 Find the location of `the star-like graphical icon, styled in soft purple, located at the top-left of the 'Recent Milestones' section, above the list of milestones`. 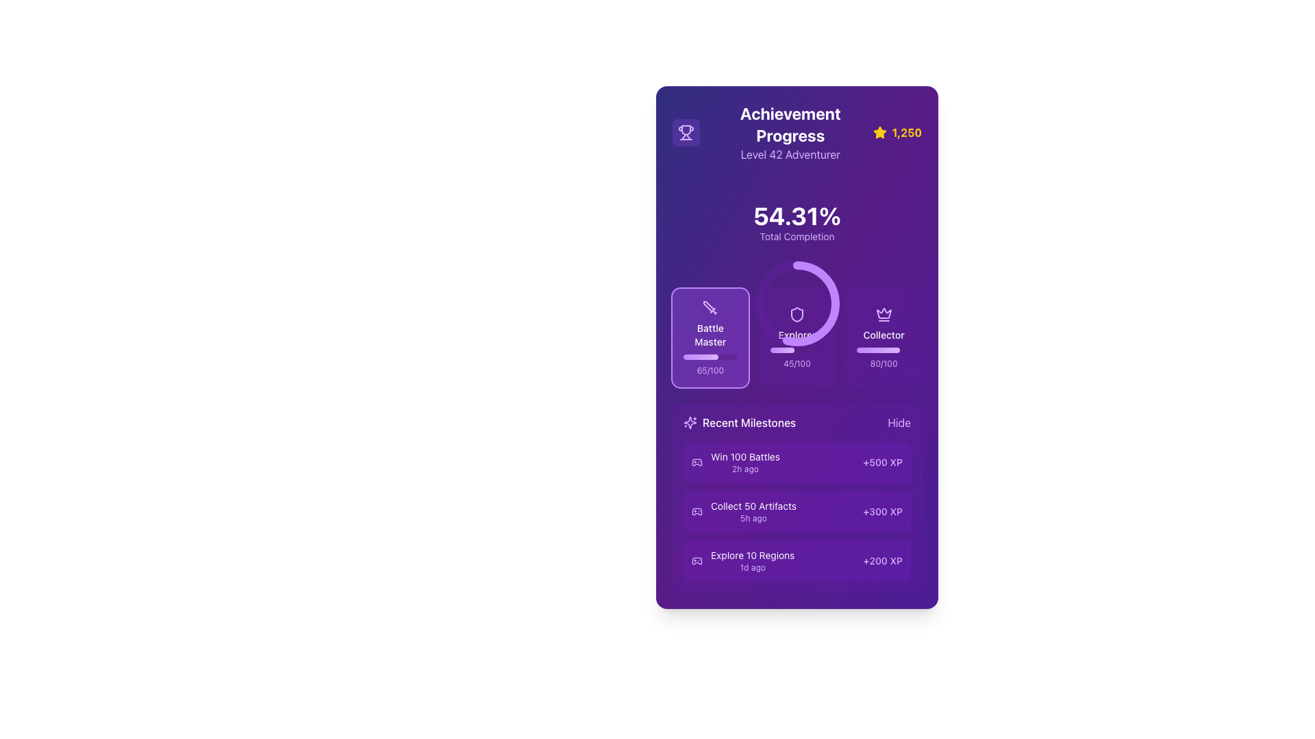

the star-like graphical icon, styled in soft purple, located at the top-left of the 'Recent Milestones' section, above the list of milestones is located at coordinates (690, 422).